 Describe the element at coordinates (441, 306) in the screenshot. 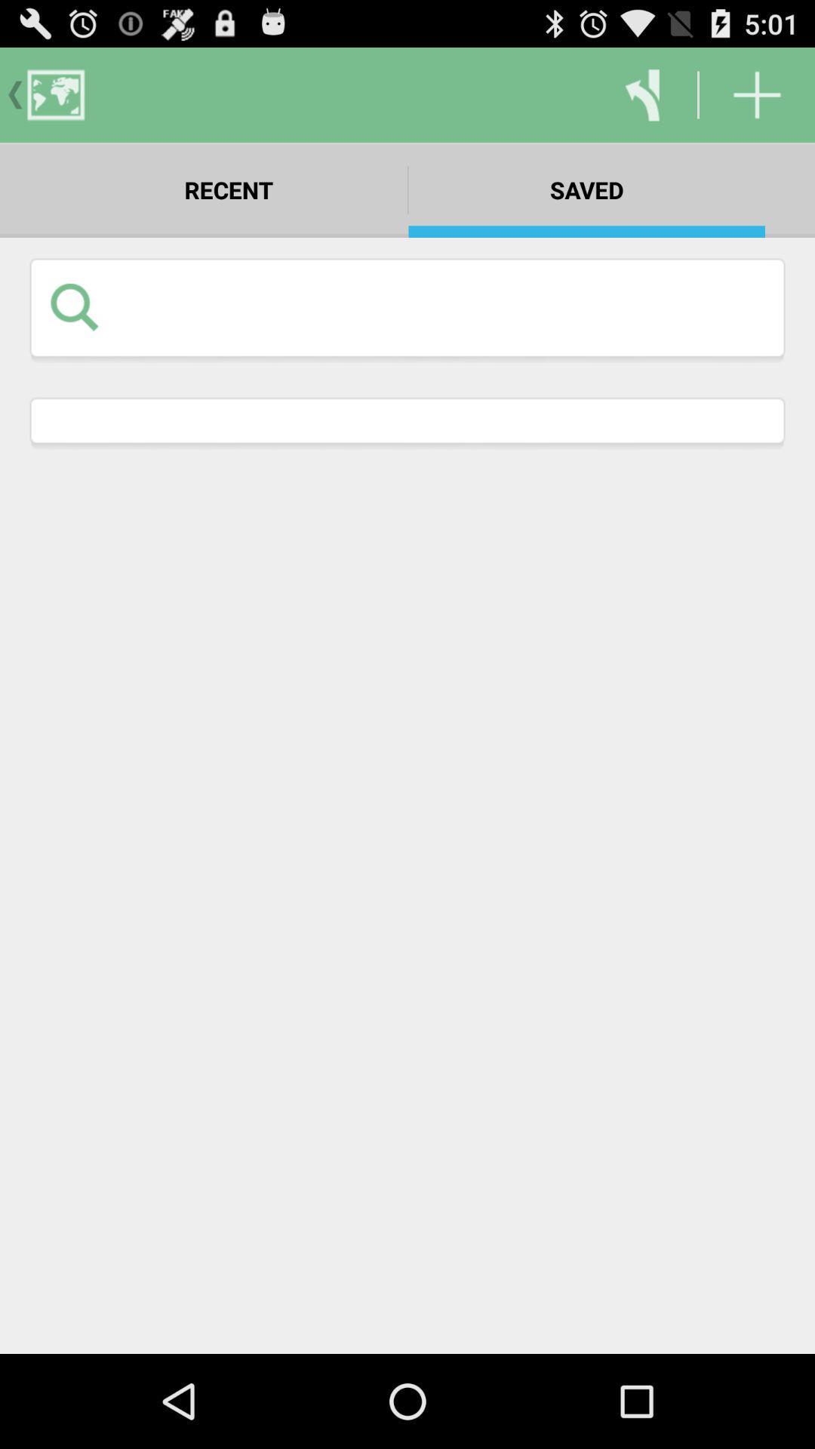

I see `google search page` at that location.